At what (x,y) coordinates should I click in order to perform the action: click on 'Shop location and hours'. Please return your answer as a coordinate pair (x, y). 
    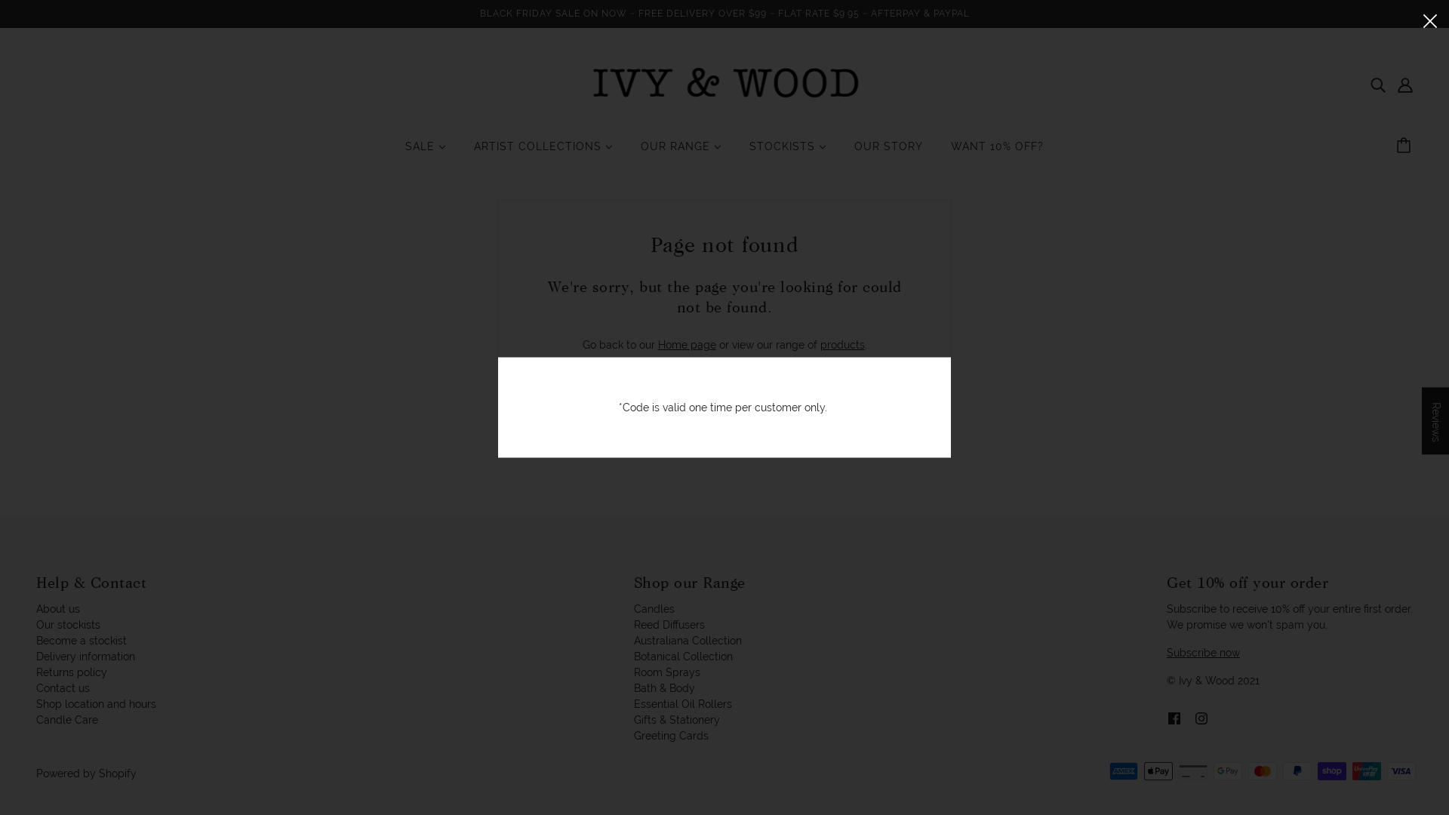
    Looking at the image, I should click on (95, 703).